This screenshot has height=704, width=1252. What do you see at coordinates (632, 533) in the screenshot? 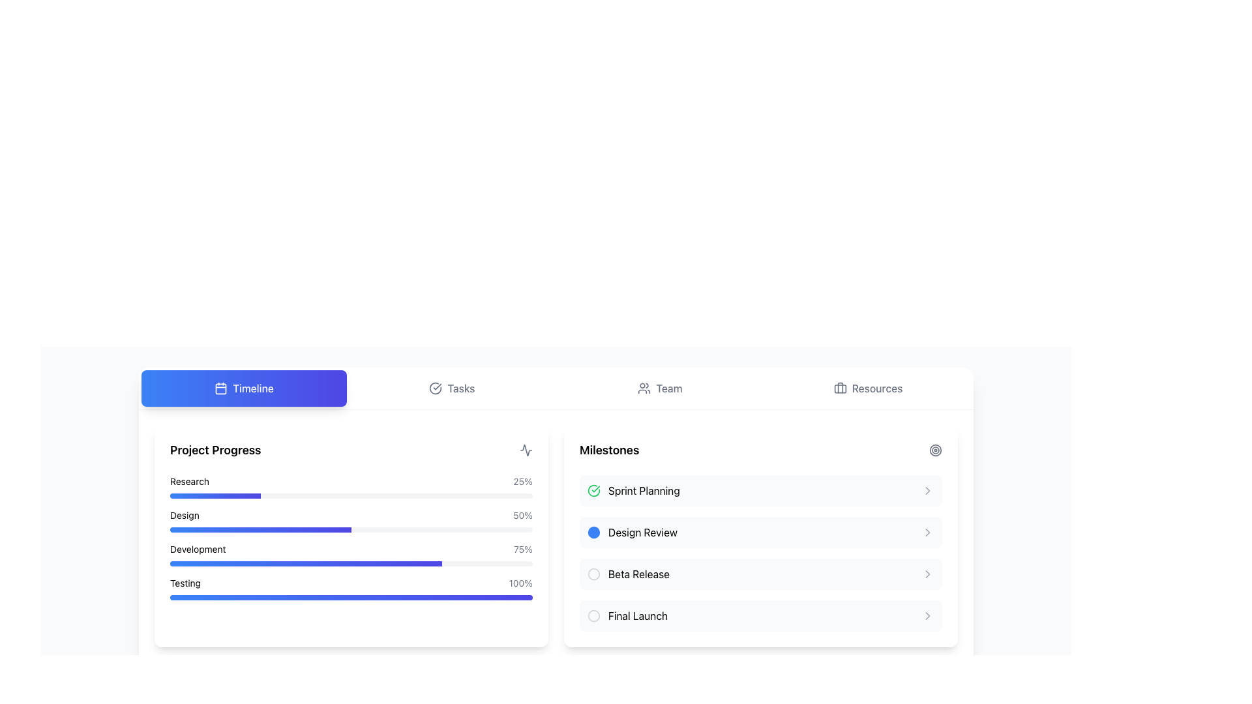
I see `the milestone item labeled 'Design Review' in the project tracking interface to interact with it` at bounding box center [632, 533].